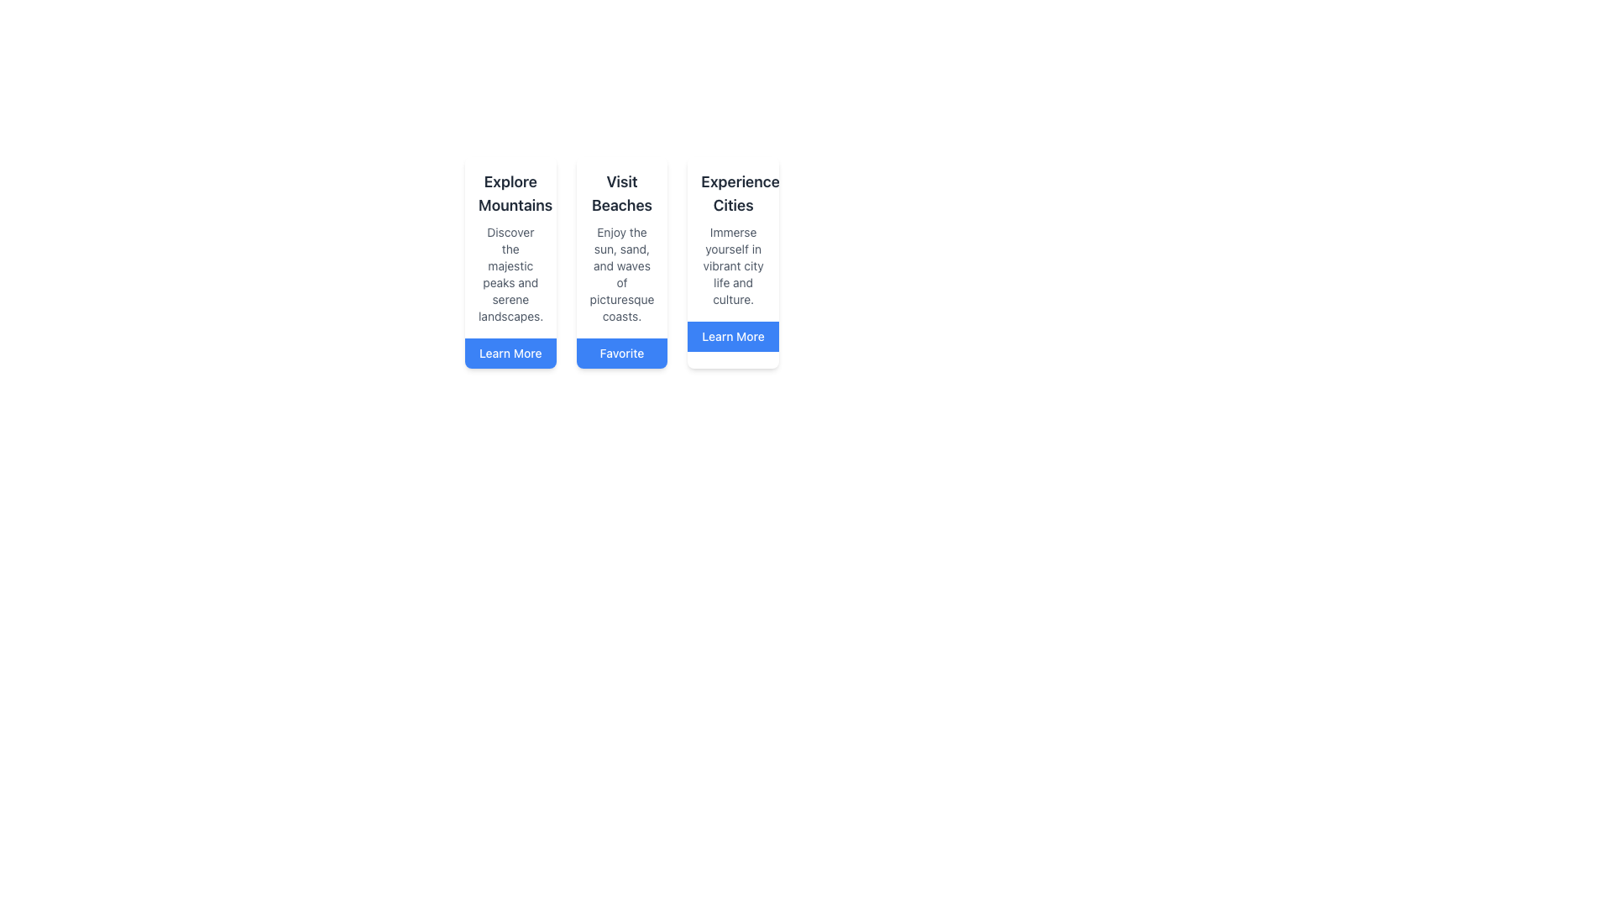 The width and height of the screenshot is (1612, 907). I want to click on the button located at the bottom of the 'Experience Cities' card, so click(733, 337).